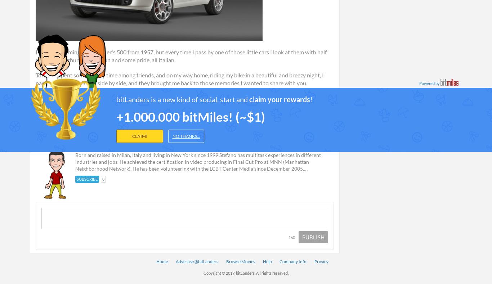 The width and height of the screenshot is (492, 284). What do you see at coordinates (196, 261) in the screenshot?
I see `'Advertise @bitLanders'` at bounding box center [196, 261].